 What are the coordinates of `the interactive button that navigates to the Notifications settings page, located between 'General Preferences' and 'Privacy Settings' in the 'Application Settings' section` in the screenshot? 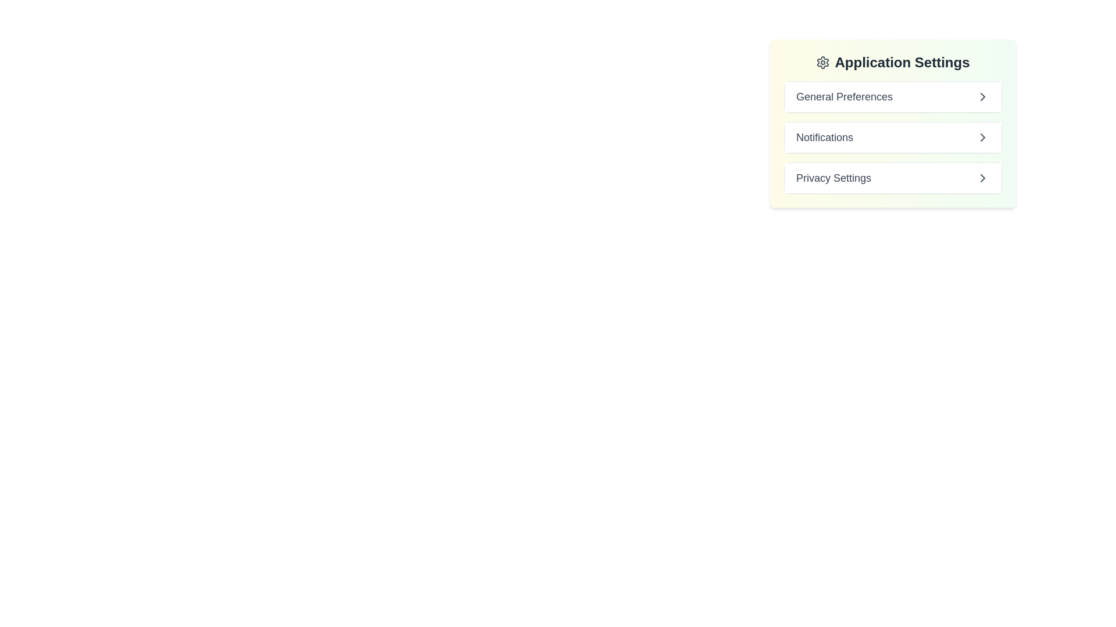 It's located at (892, 123).